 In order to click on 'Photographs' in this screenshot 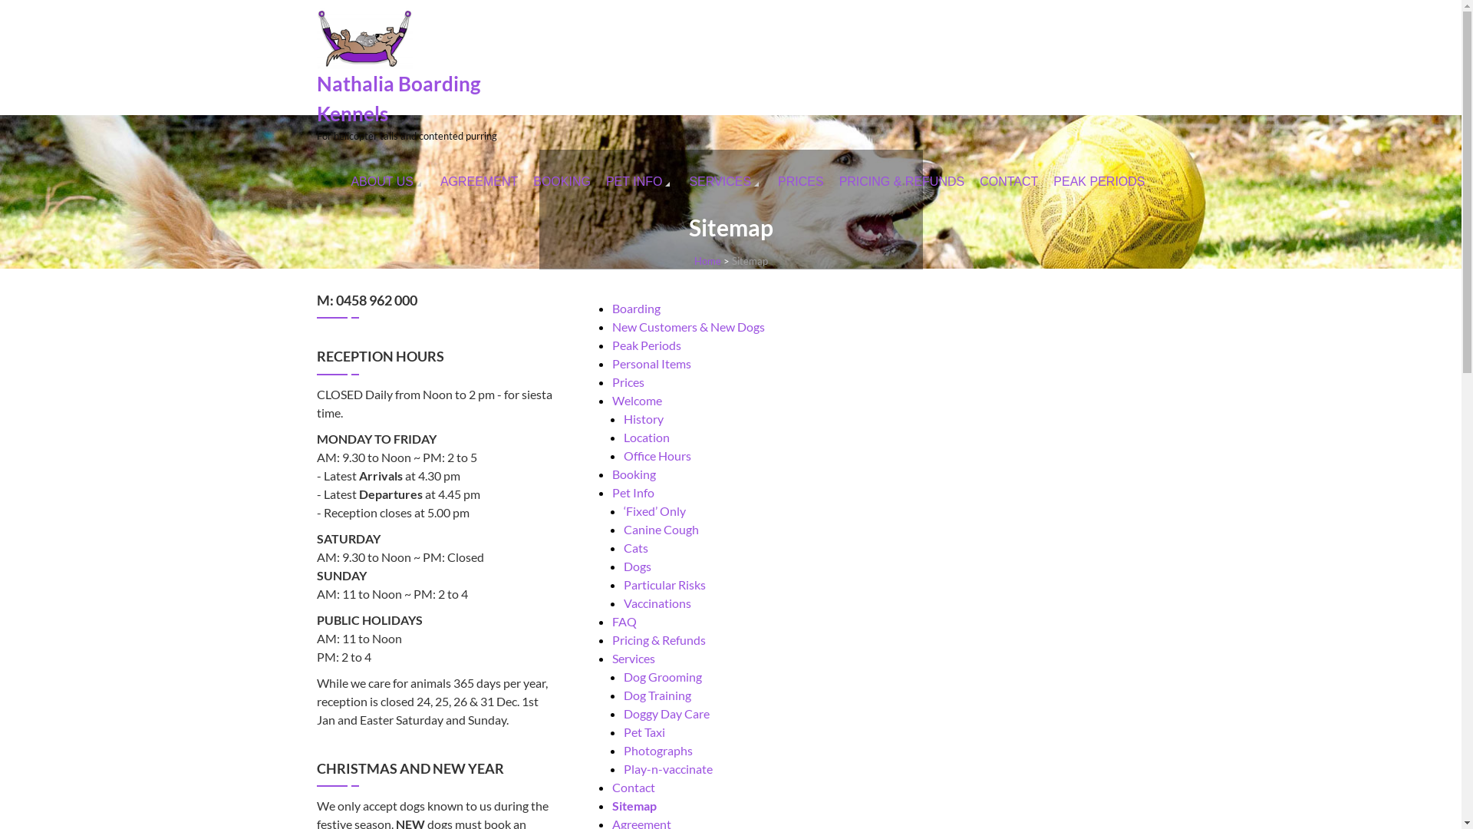, I will do `click(658, 749)`.